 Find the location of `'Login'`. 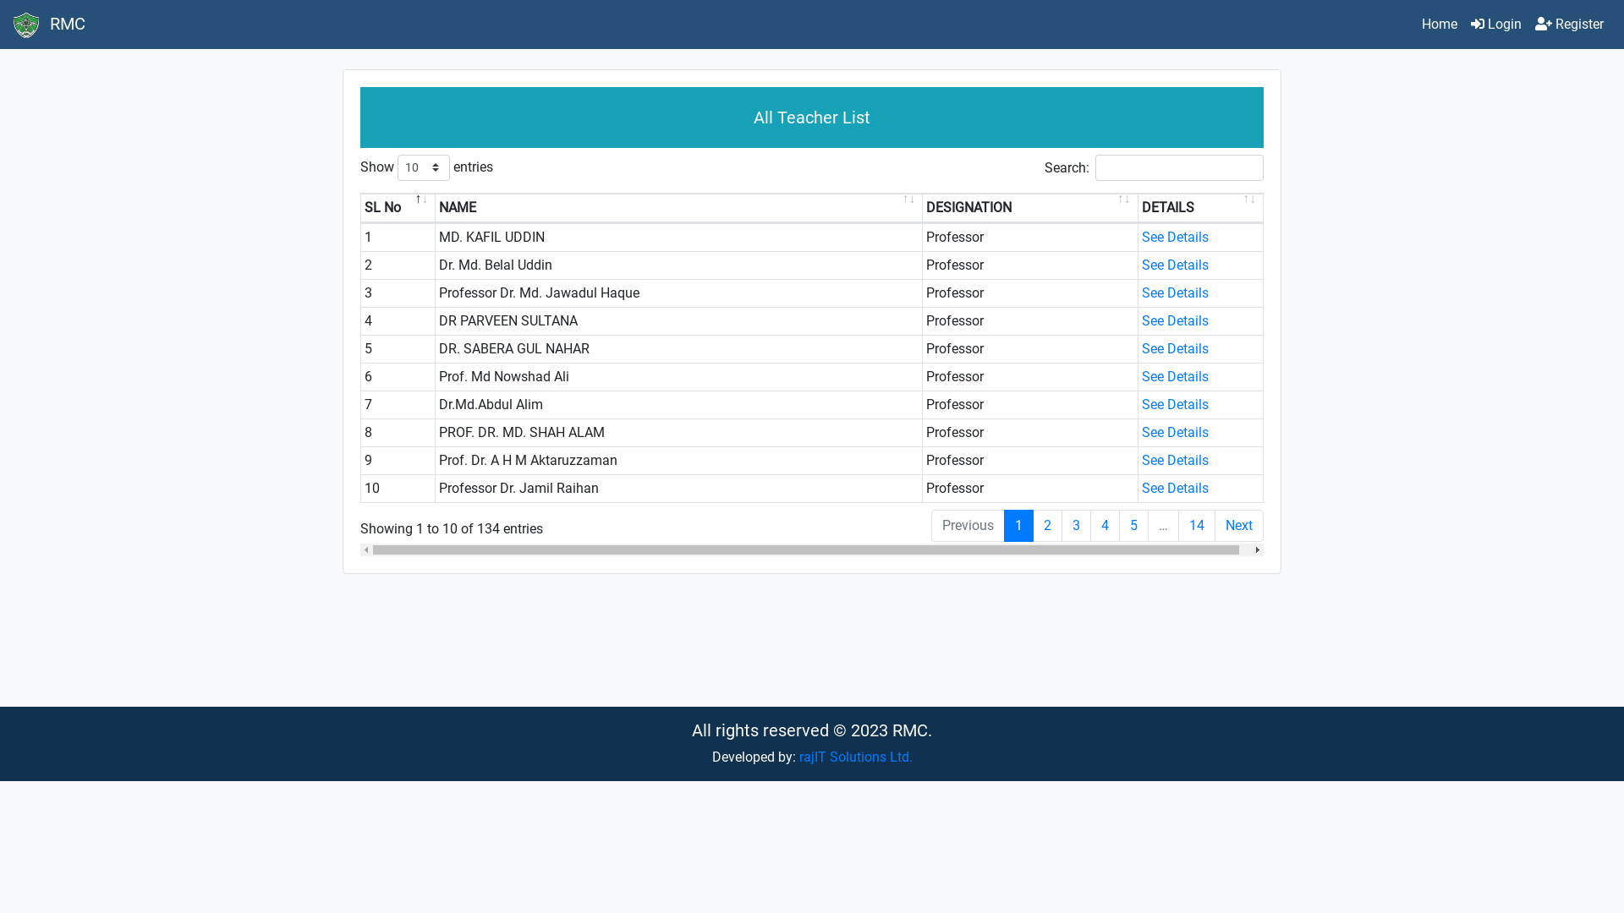

'Login' is located at coordinates (1496, 25).